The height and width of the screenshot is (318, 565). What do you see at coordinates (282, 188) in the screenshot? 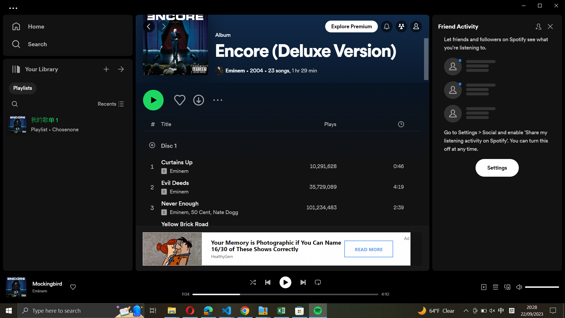
I see `the playback of "Evil Deeds` at bounding box center [282, 188].